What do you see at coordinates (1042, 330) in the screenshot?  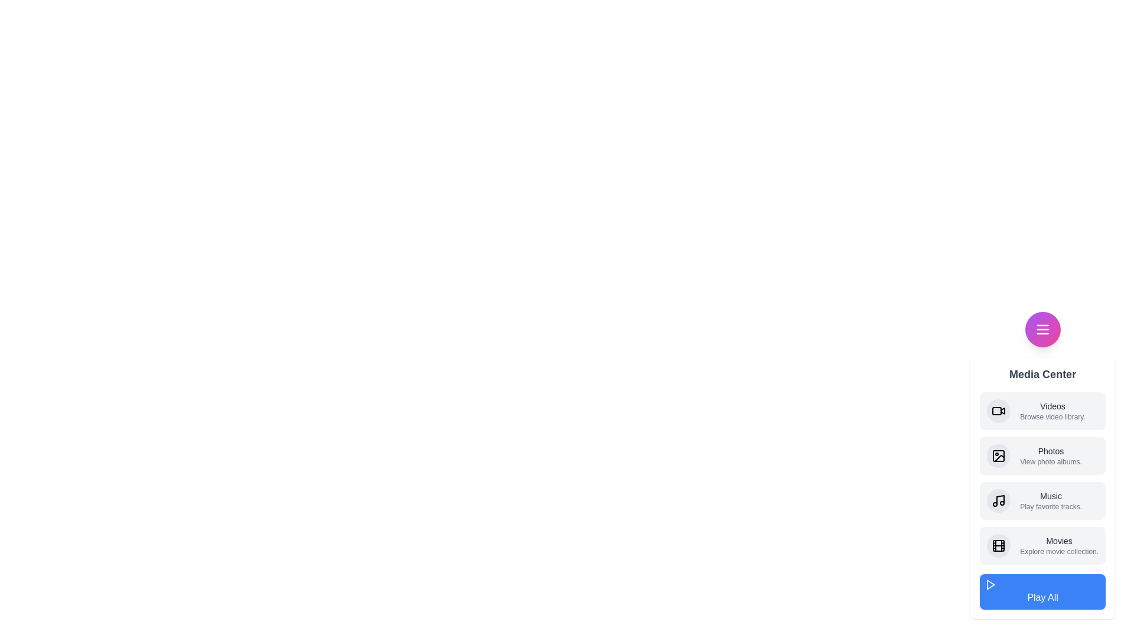 I see `the toggle button to toggle the menu visibility` at bounding box center [1042, 330].